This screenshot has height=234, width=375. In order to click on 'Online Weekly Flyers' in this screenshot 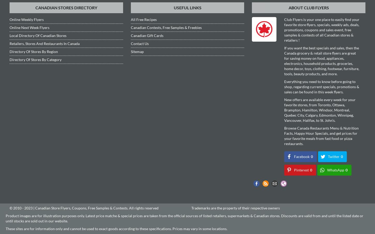, I will do `click(26, 19)`.